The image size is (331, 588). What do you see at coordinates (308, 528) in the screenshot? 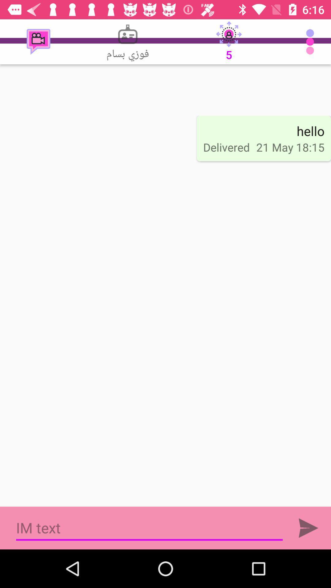
I see `the send icon` at bounding box center [308, 528].